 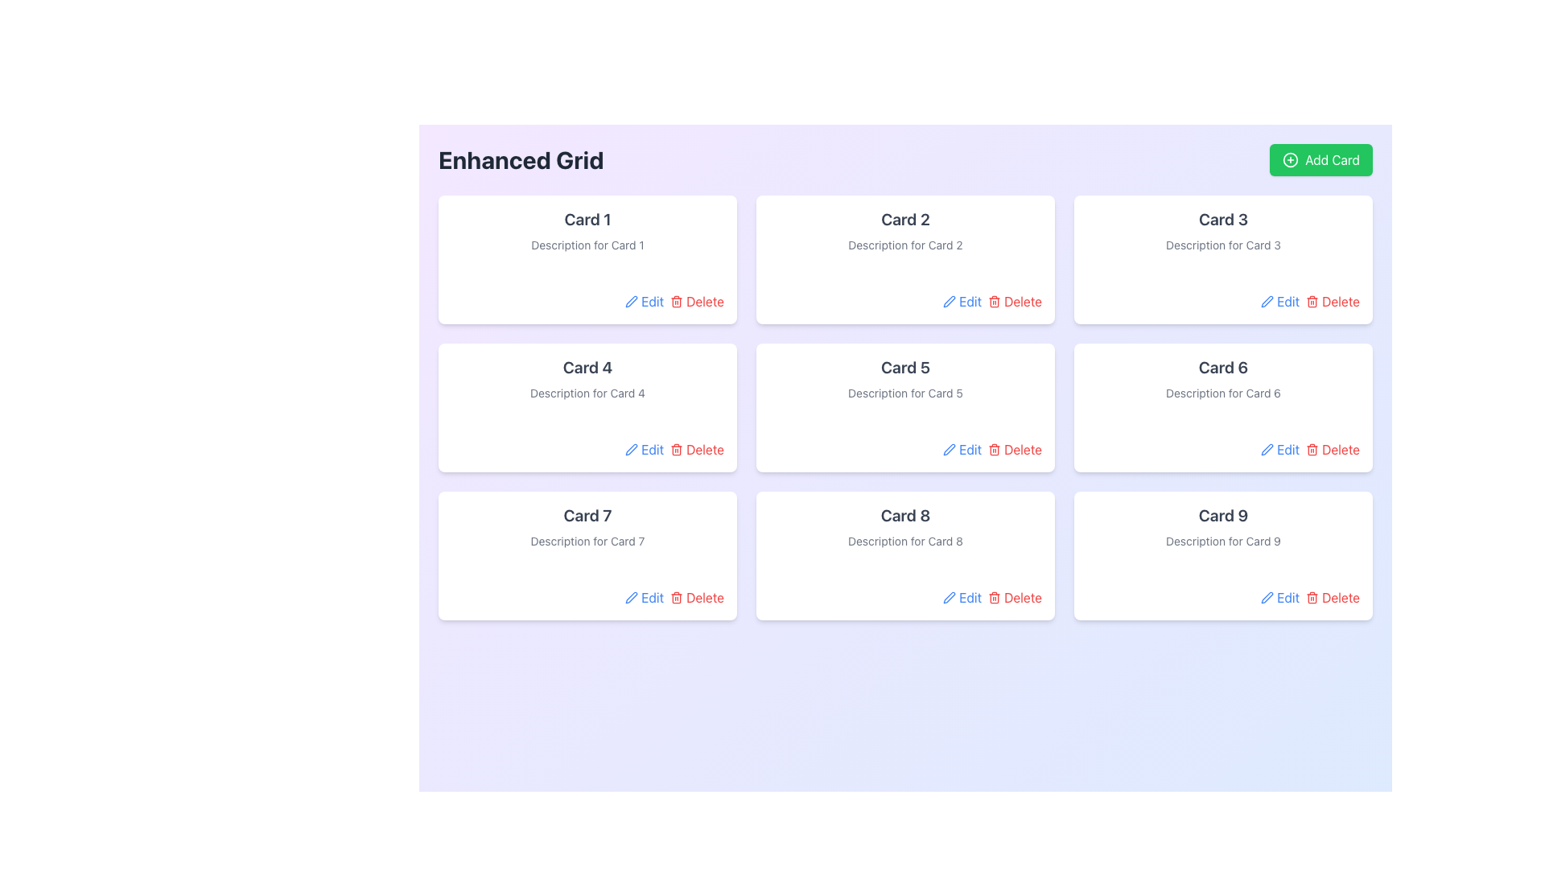 I want to click on the green button labeled 'Add Card' located in the top-right corner of the interface, so click(x=1290, y=160).